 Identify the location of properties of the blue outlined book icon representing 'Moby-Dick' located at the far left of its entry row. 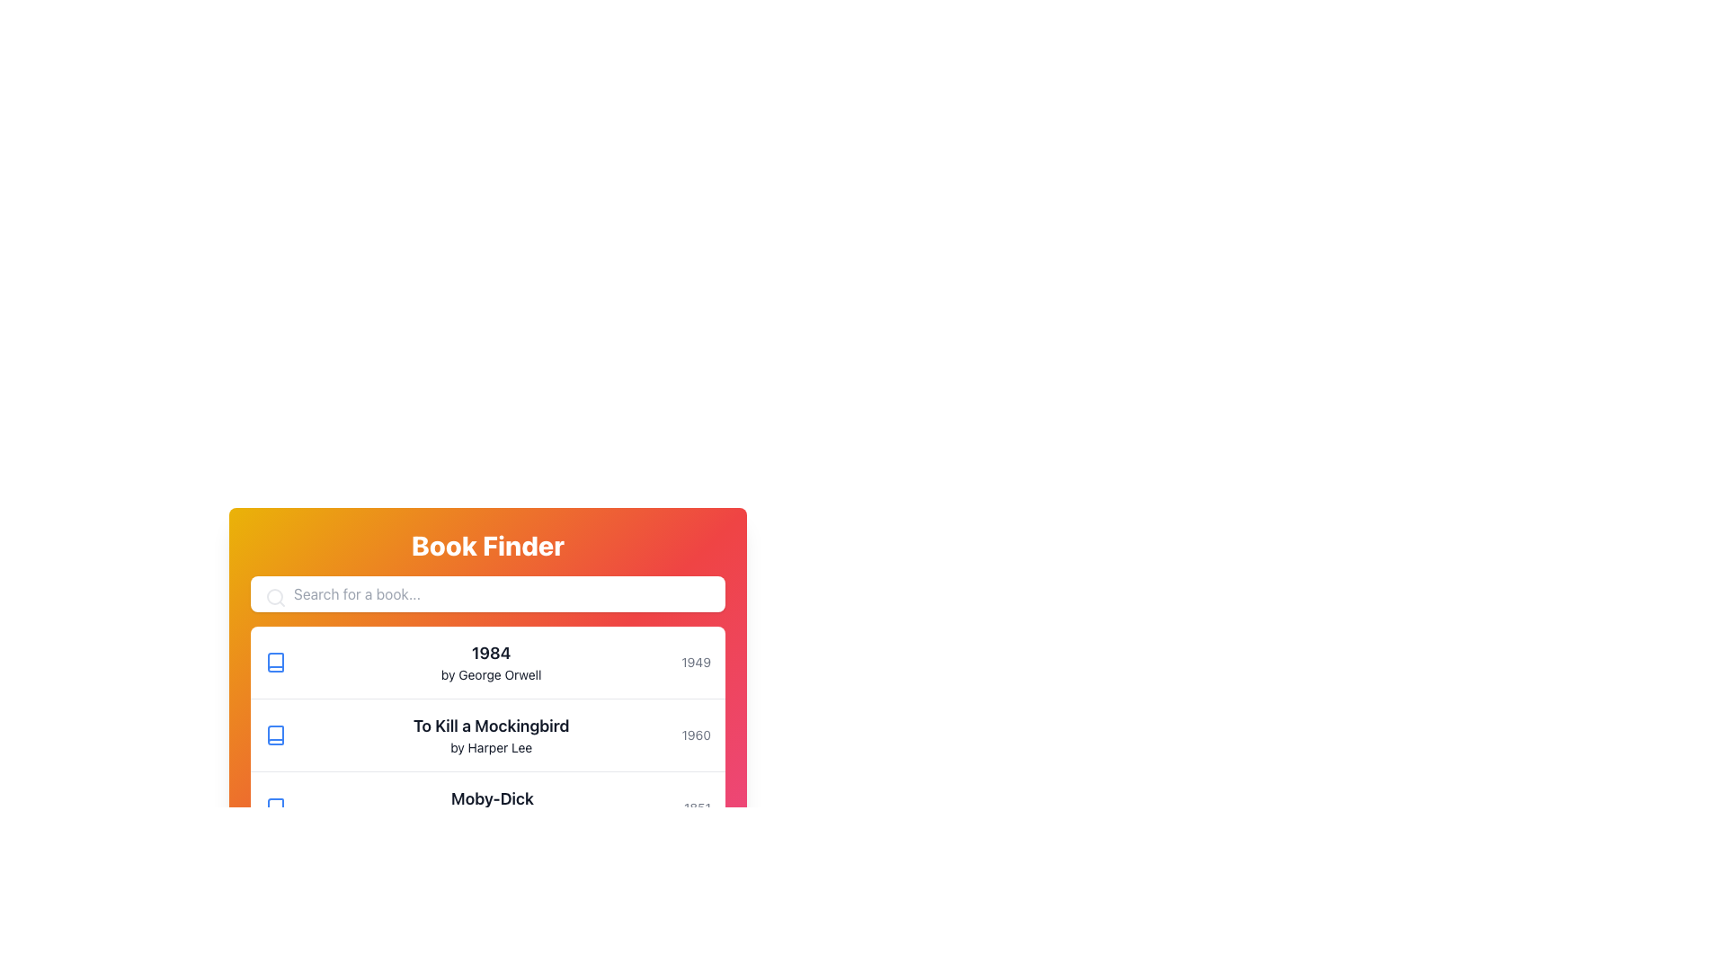
(275, 806).